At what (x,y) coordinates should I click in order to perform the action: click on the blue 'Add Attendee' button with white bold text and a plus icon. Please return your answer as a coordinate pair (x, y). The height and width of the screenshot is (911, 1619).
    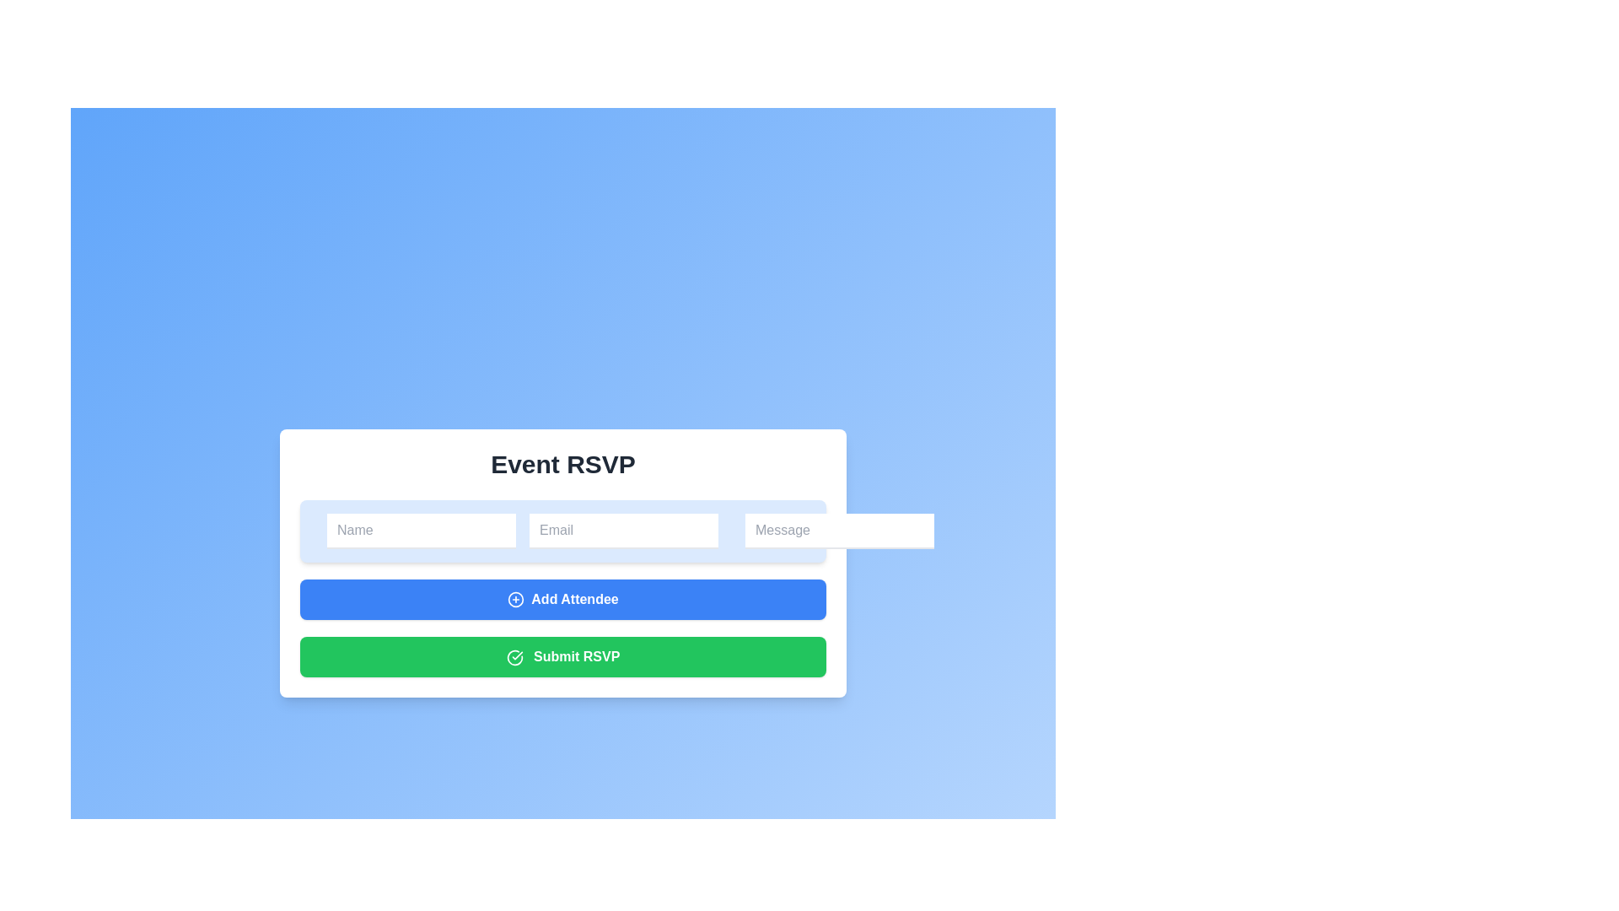
    Looking at the image, I should click on (562, 598).